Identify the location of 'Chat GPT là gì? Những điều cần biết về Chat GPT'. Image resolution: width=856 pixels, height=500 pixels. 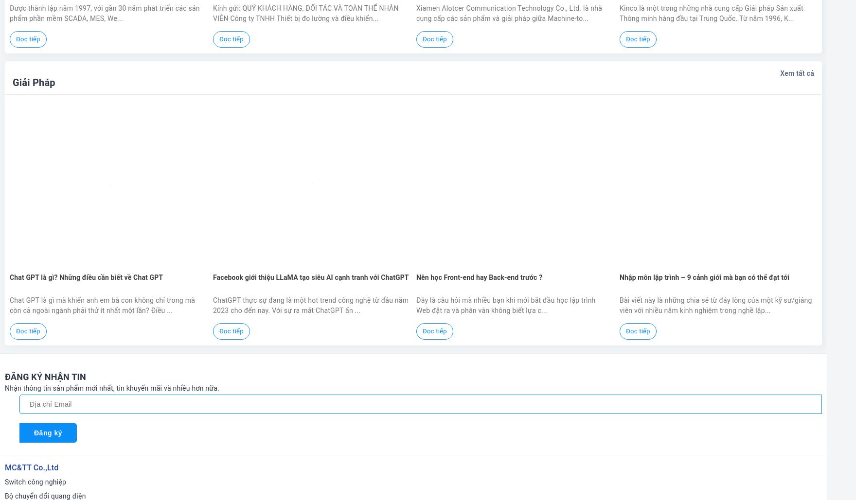
(86, 276).